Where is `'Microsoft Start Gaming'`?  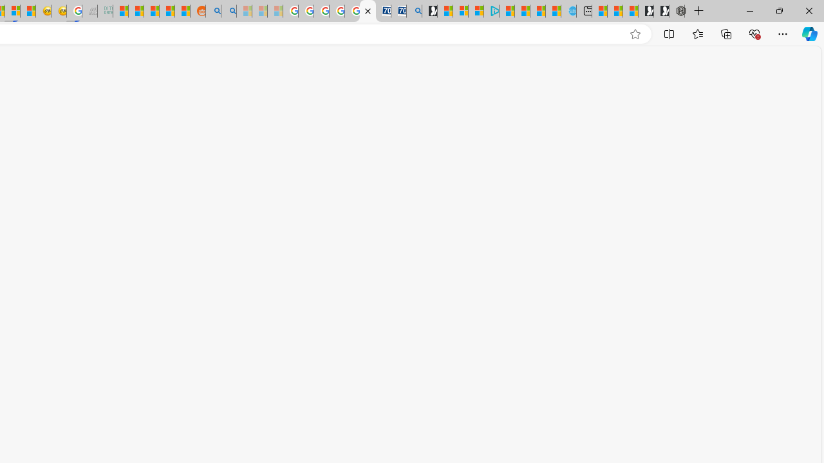 'Microsoft Start Gaming' is located at coordinates (429, 11).